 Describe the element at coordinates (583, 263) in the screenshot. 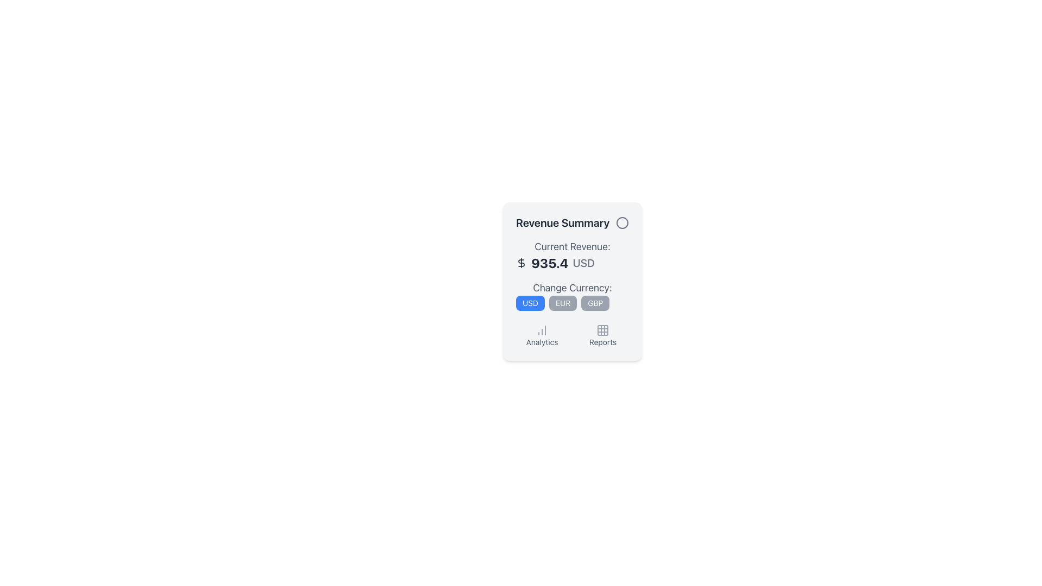

I see `the text label displaying 'USD', which is aligned to the right of the numeric value '935.4' and styled in gray, located in the middle section of the interface below the 'Current Revenue:' label` at that location.